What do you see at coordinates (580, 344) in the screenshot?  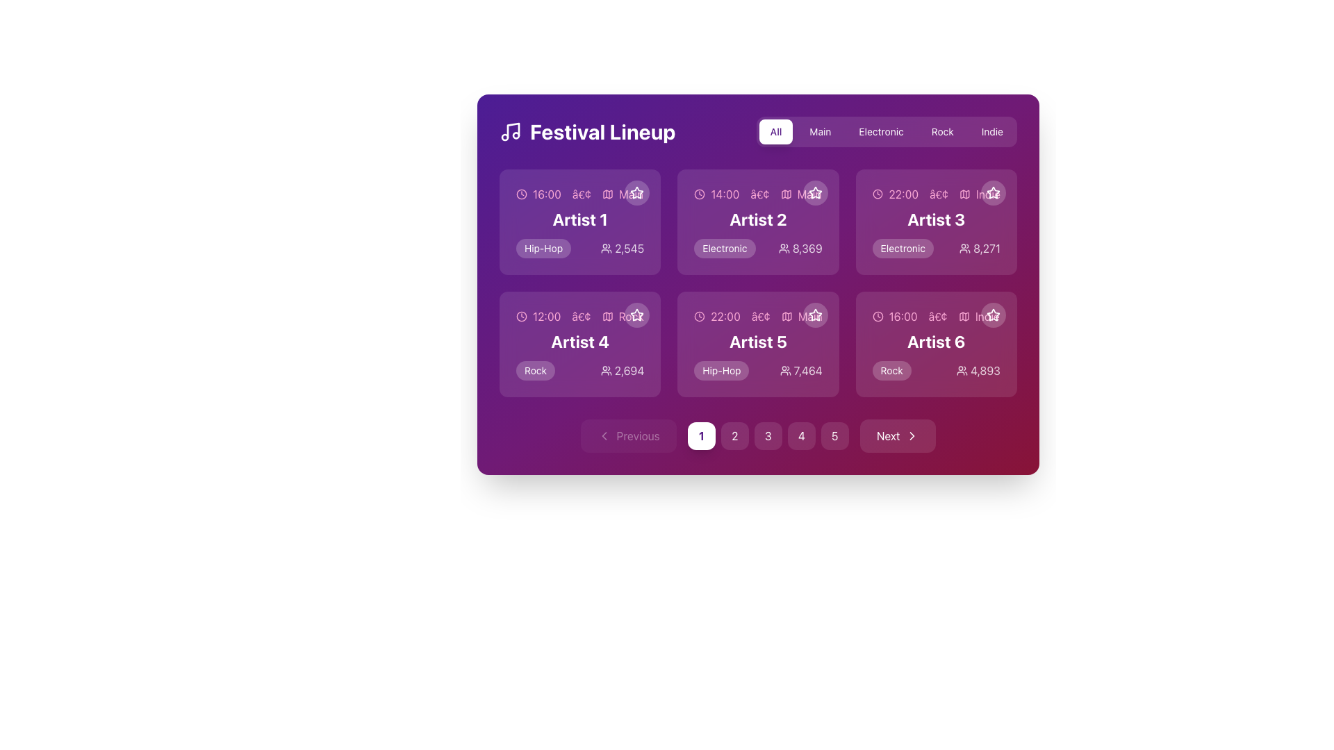 I see `the card representing an event or artist's information in the music festival lineup` at bounding box center [580, 344].